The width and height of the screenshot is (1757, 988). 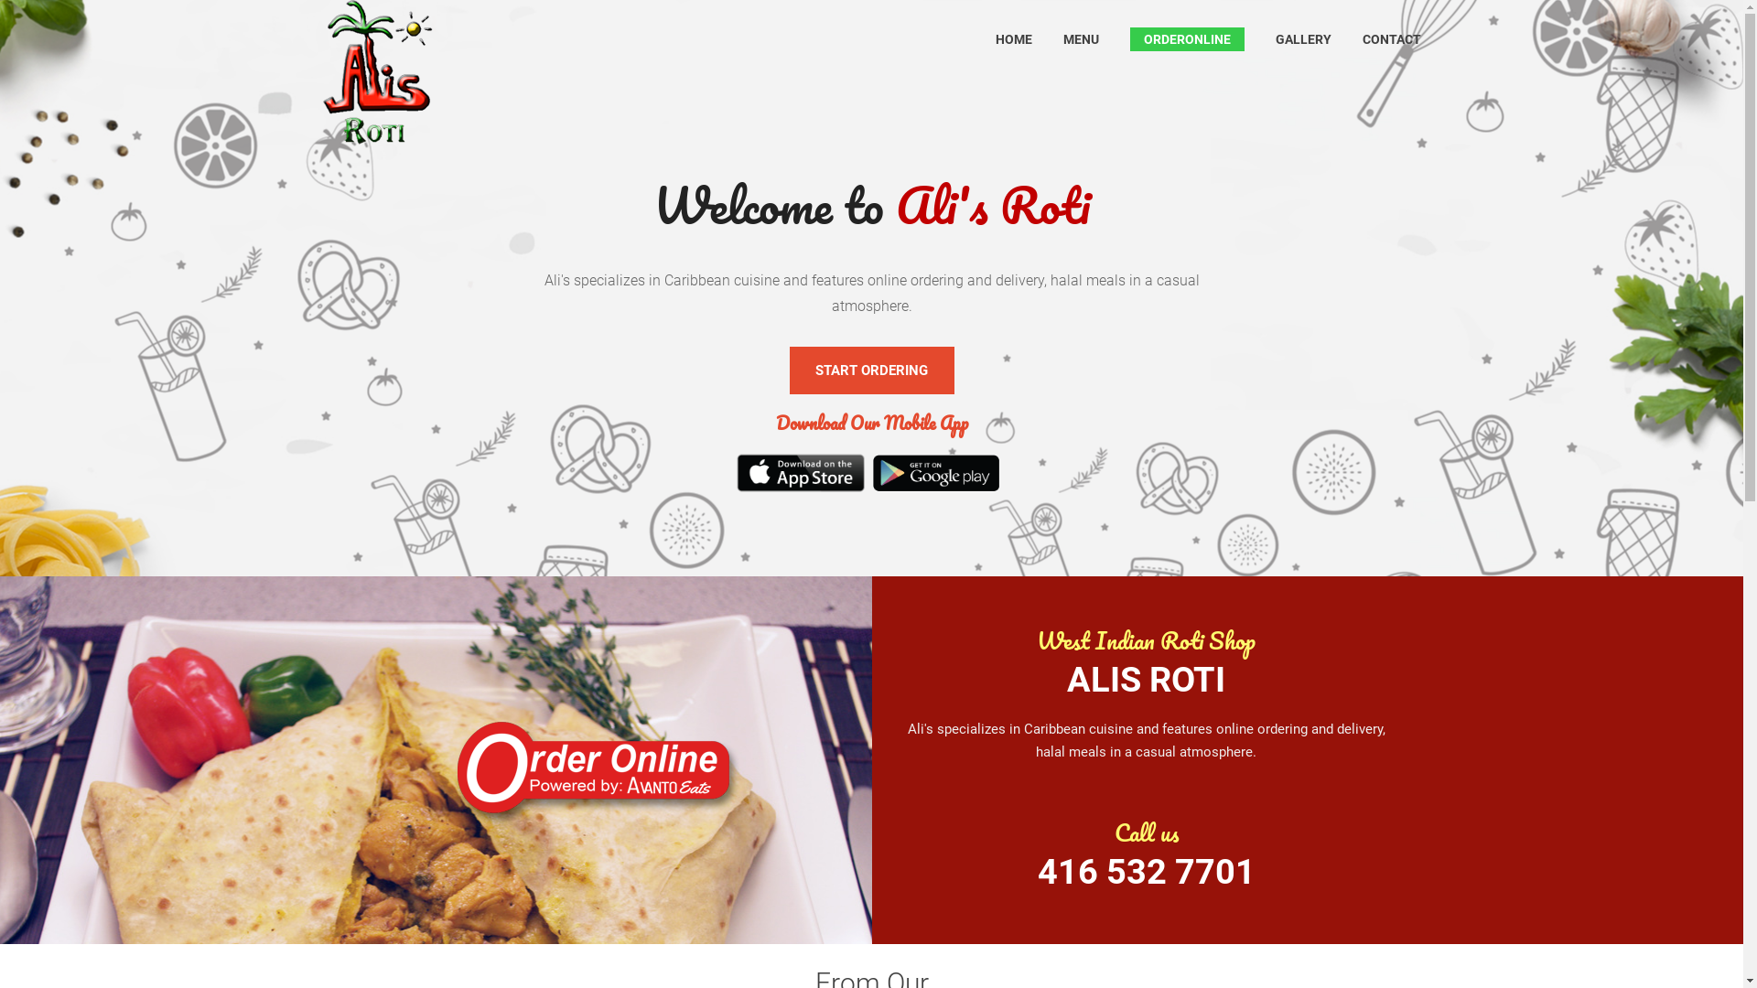 I want to click on 'START ORDERING', so click(x=869, y=370).